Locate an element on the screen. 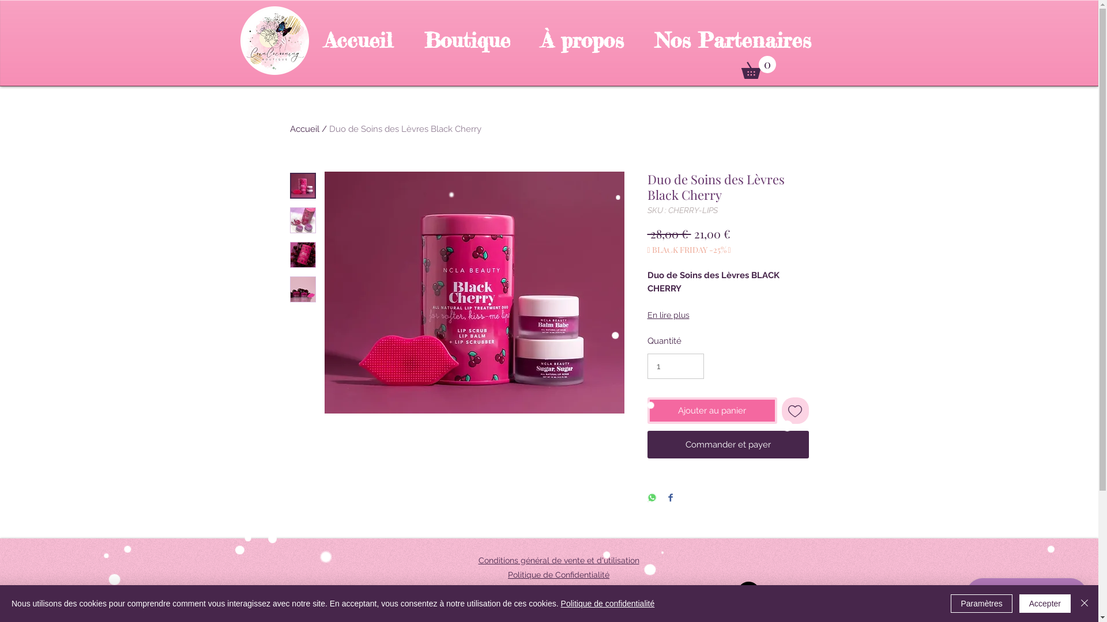 The image size is (1107, 622). 'Nos Partenaires' is located at coordinates (732, 40).